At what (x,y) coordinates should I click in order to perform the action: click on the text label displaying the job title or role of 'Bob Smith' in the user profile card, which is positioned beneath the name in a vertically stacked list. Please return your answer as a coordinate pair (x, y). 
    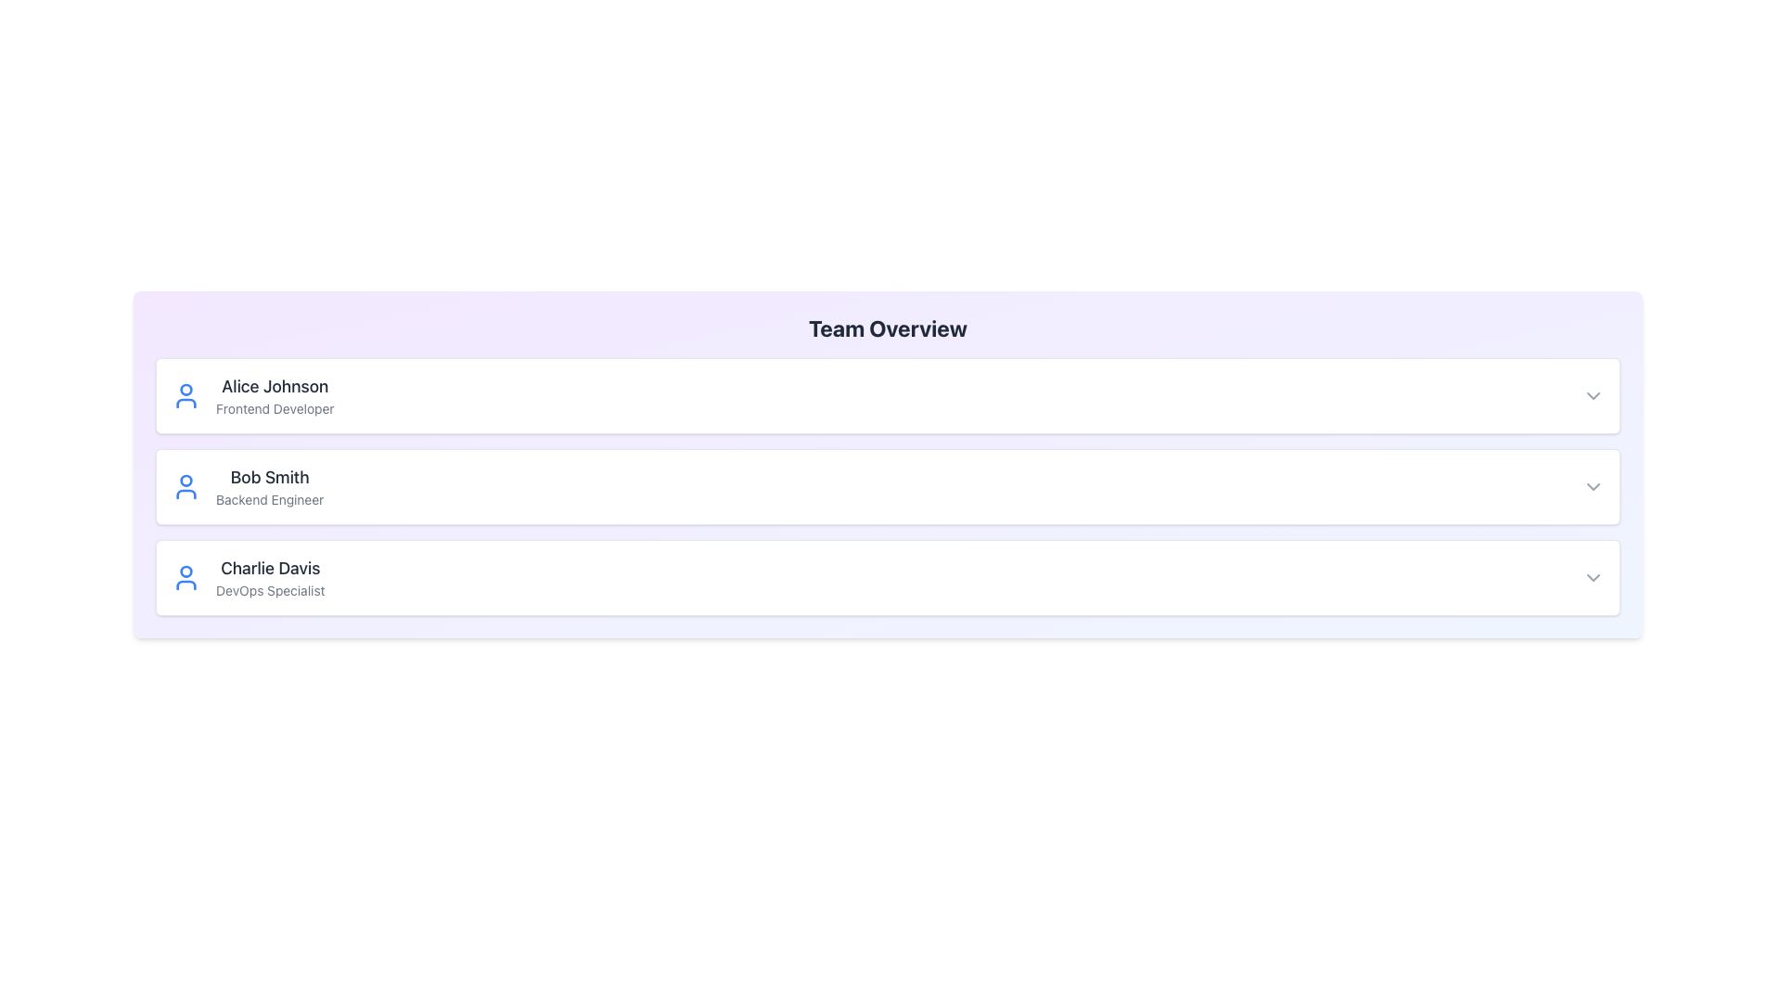
    Looking at the image, I should click on (269, 499).